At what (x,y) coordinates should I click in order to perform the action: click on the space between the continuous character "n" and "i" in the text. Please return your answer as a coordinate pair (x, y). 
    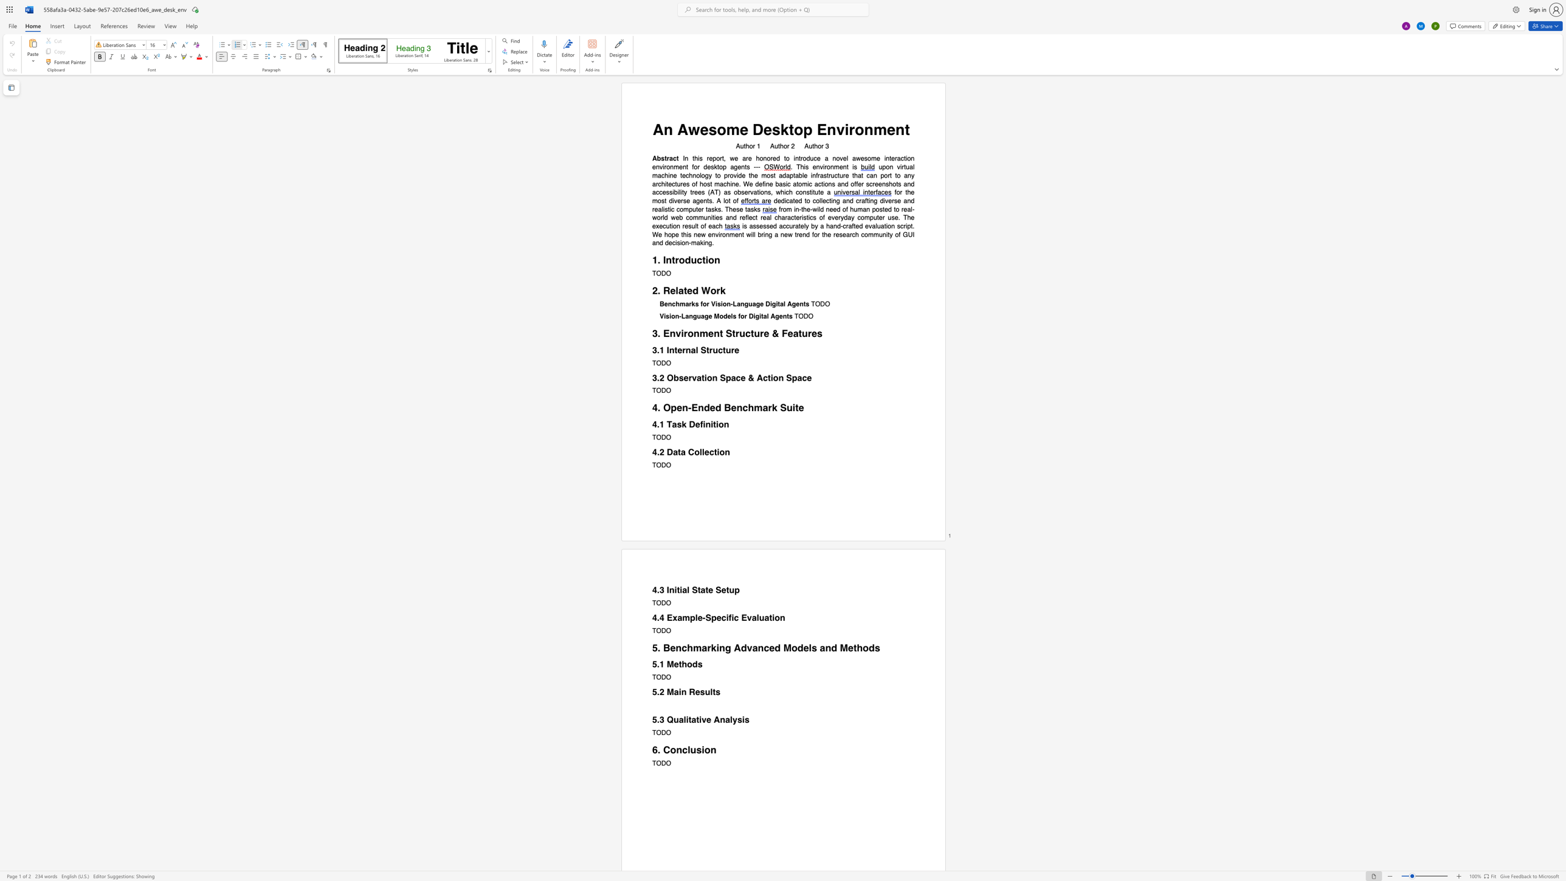
    Looking at the image, I should click on (674, 589).